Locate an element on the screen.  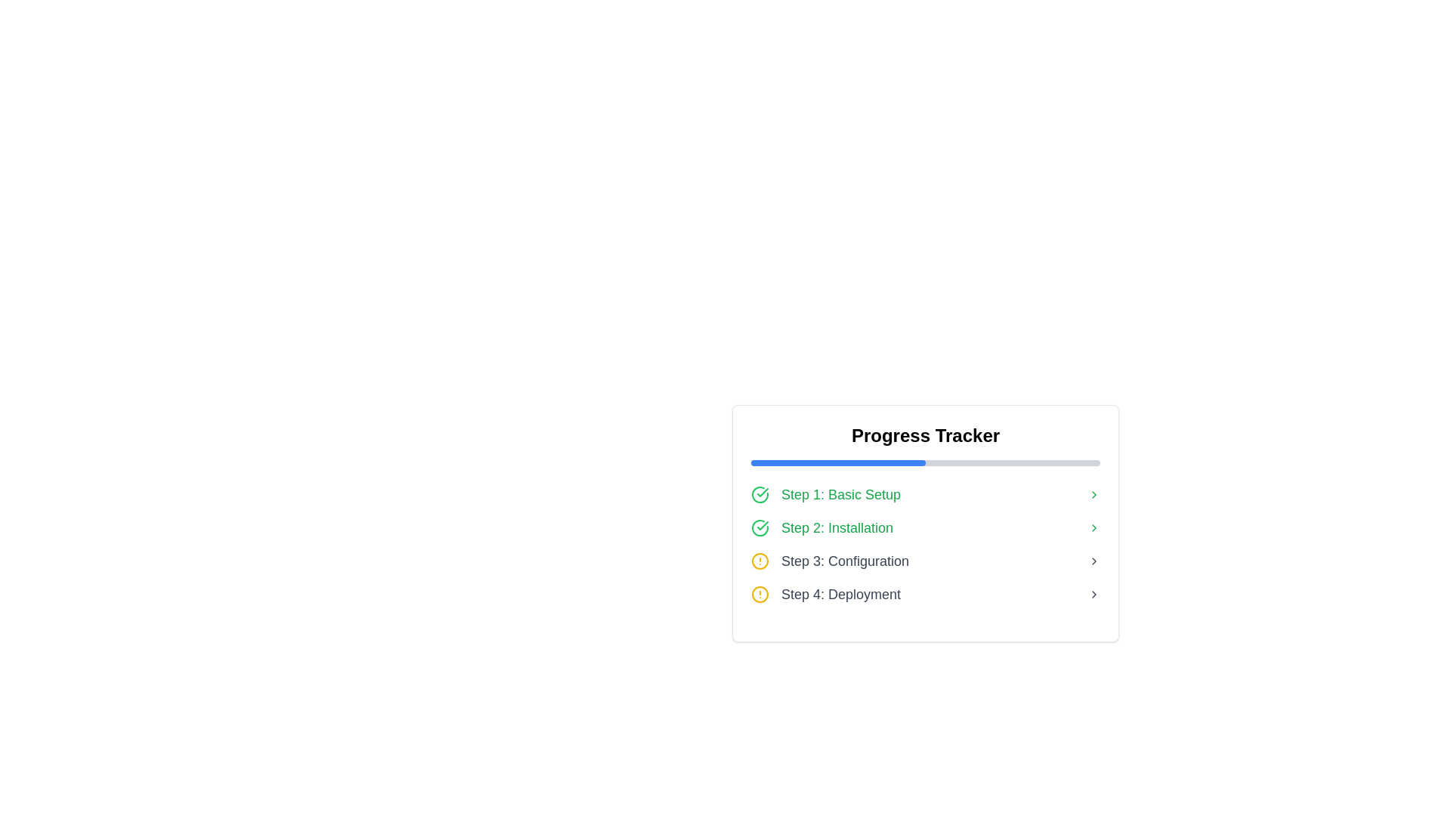
the right-pointing chevron icon located next to the text 'Step 2: Installation' in the progress tracker is located at coordinates (1094, 527).